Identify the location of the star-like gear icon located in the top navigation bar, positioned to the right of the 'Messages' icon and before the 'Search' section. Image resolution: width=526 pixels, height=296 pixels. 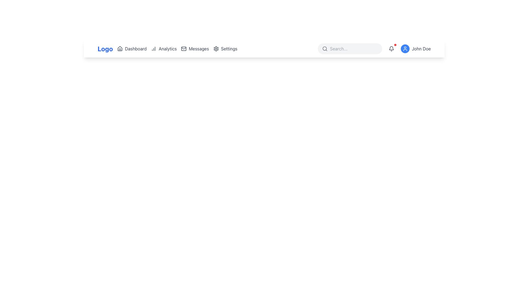
(216, 48).